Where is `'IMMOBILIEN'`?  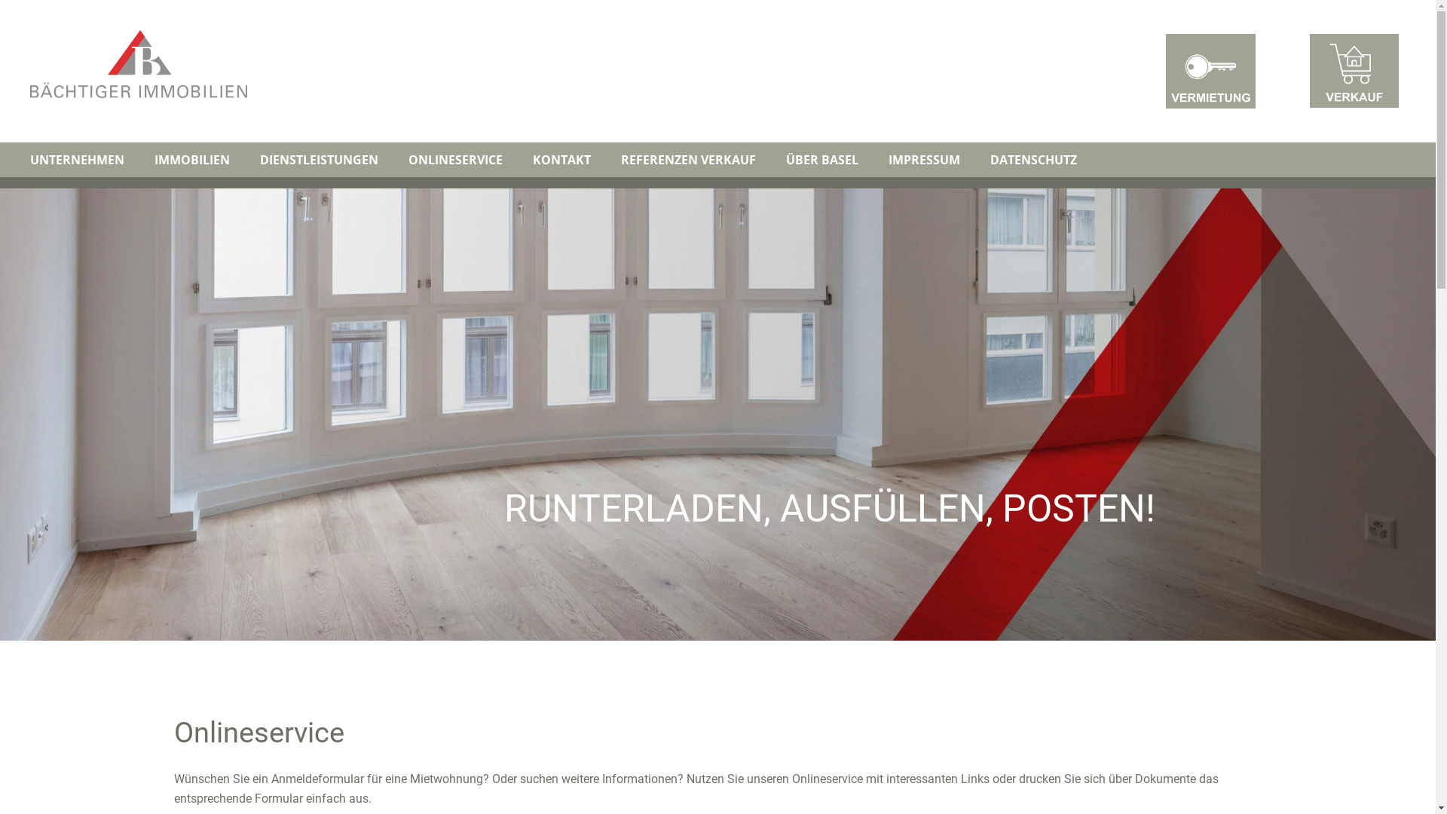 'IMMOBILIEN' is located at coordinates (139, 160).